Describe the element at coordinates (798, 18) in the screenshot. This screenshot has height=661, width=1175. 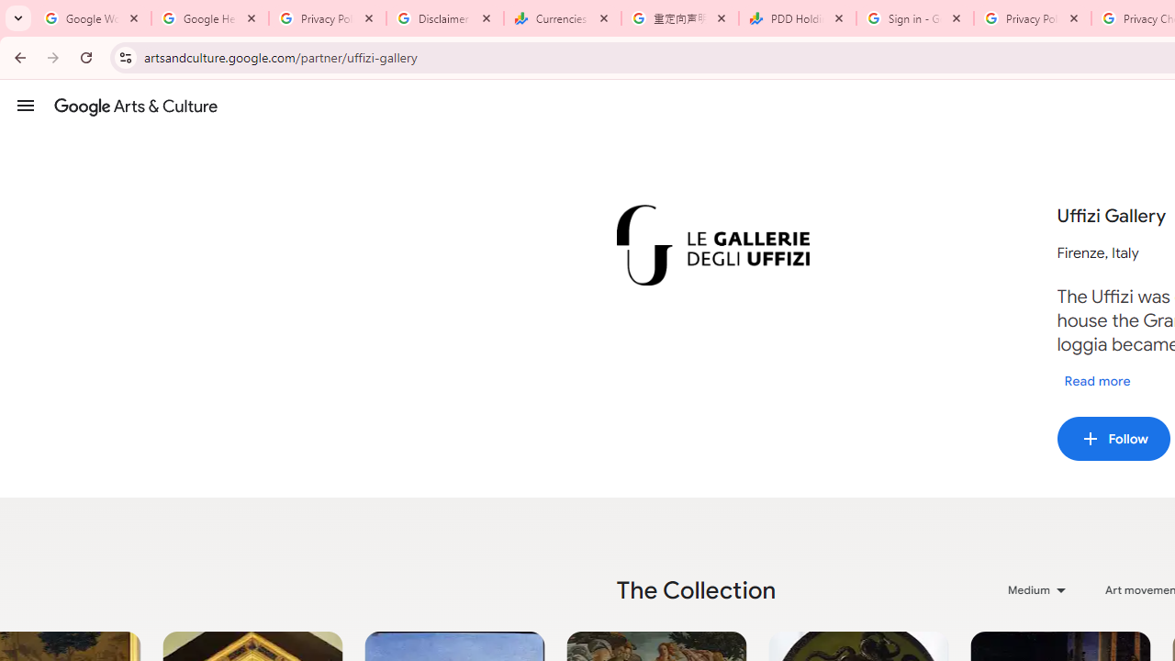
I see `'PDD Holdings Inc - ADR (PDD) Price & News - Google Finance'` at that location.